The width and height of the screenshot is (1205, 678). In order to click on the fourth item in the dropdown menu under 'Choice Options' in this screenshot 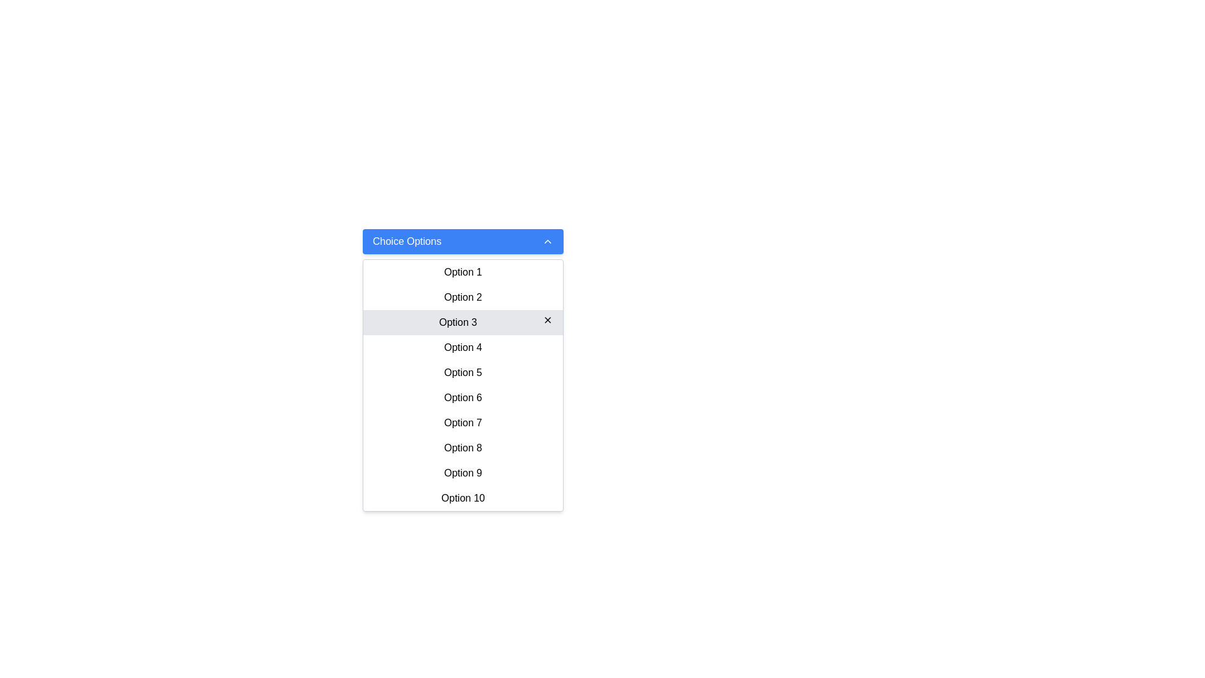, I will do `click(463, 348)`.